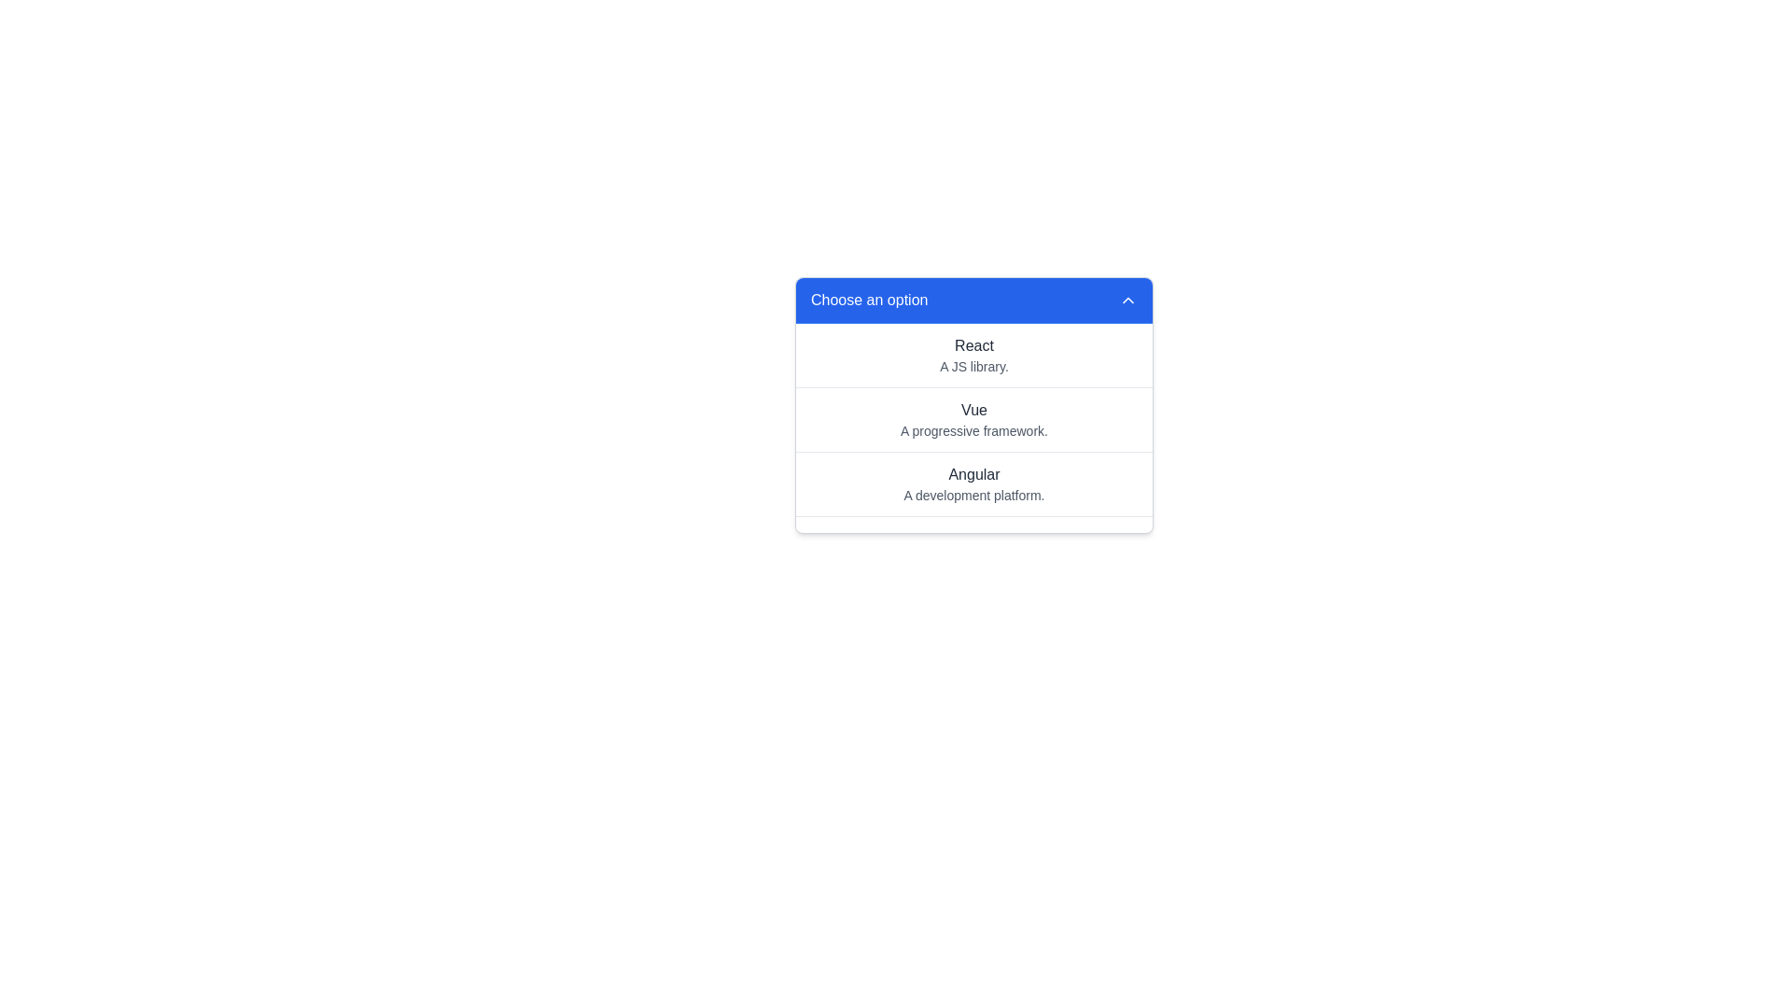 The width and height of the screenshot is (1792, 1008). I want to click on to select the second item in the vertically organized list, which provides information about the Vue framework, located below 'React A JS library.' and above 'Angular A development platform.', so click(973, 417).